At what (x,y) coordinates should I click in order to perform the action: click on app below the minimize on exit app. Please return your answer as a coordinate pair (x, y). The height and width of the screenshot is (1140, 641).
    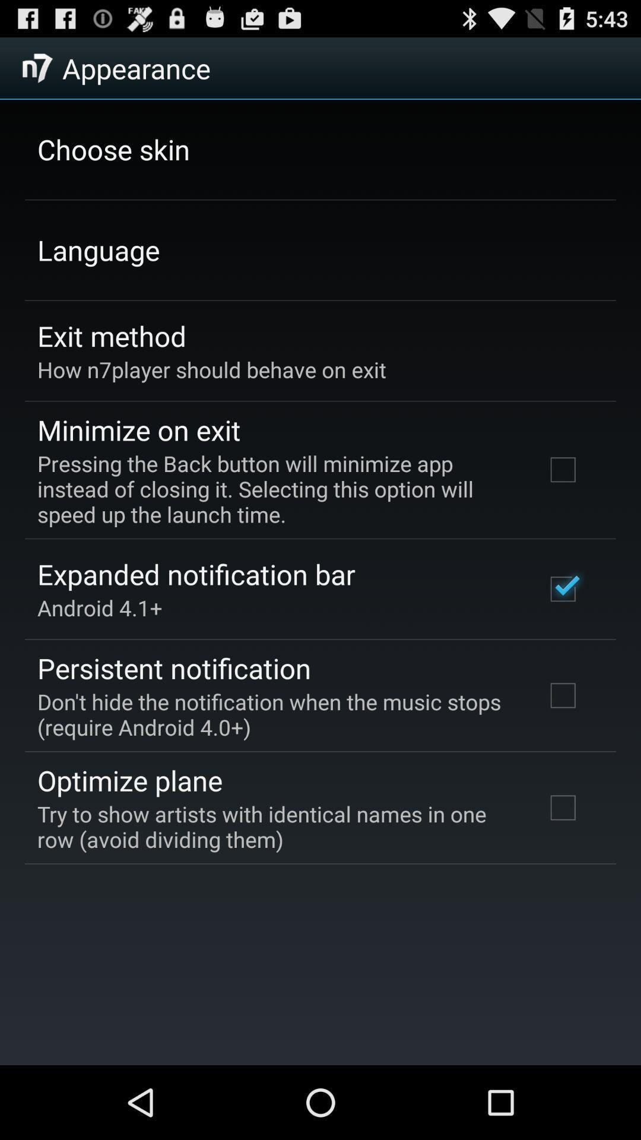
    Looking at the image, I should click on (275, 489).